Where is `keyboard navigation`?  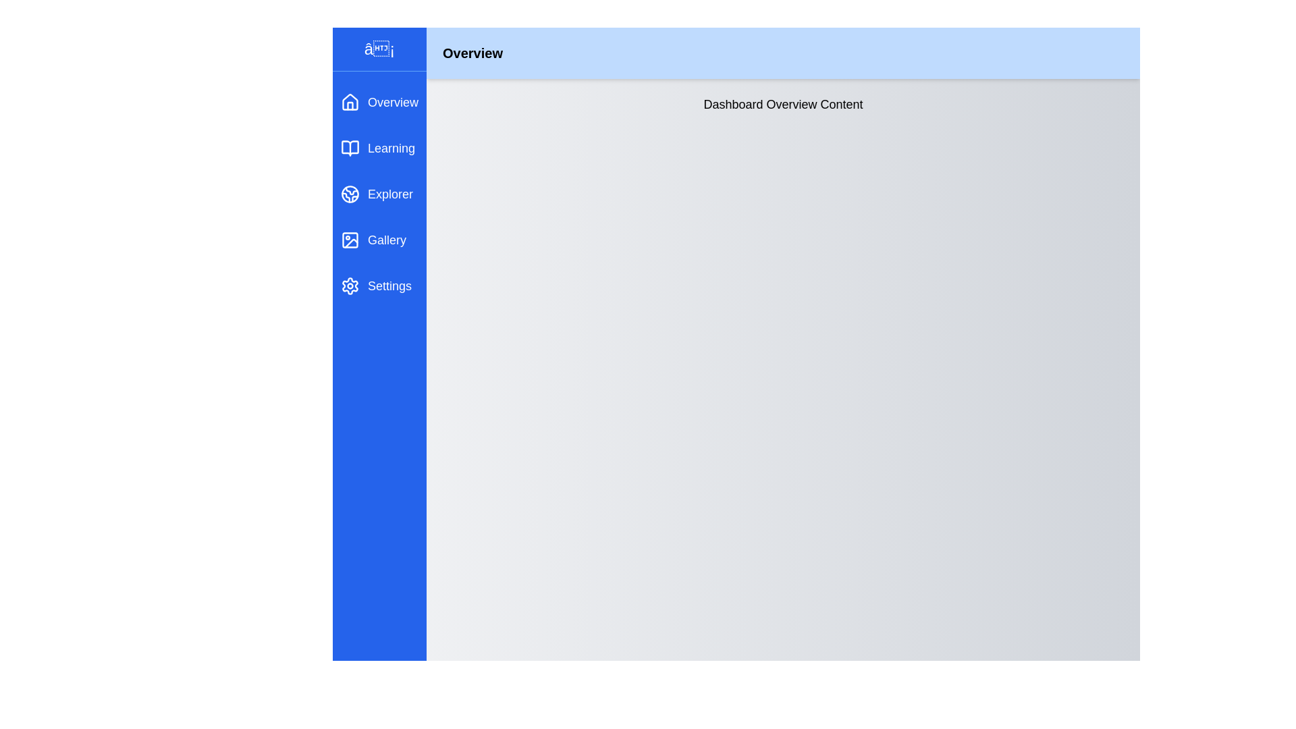 keyboard navigation is located at coordinates (379, 148).